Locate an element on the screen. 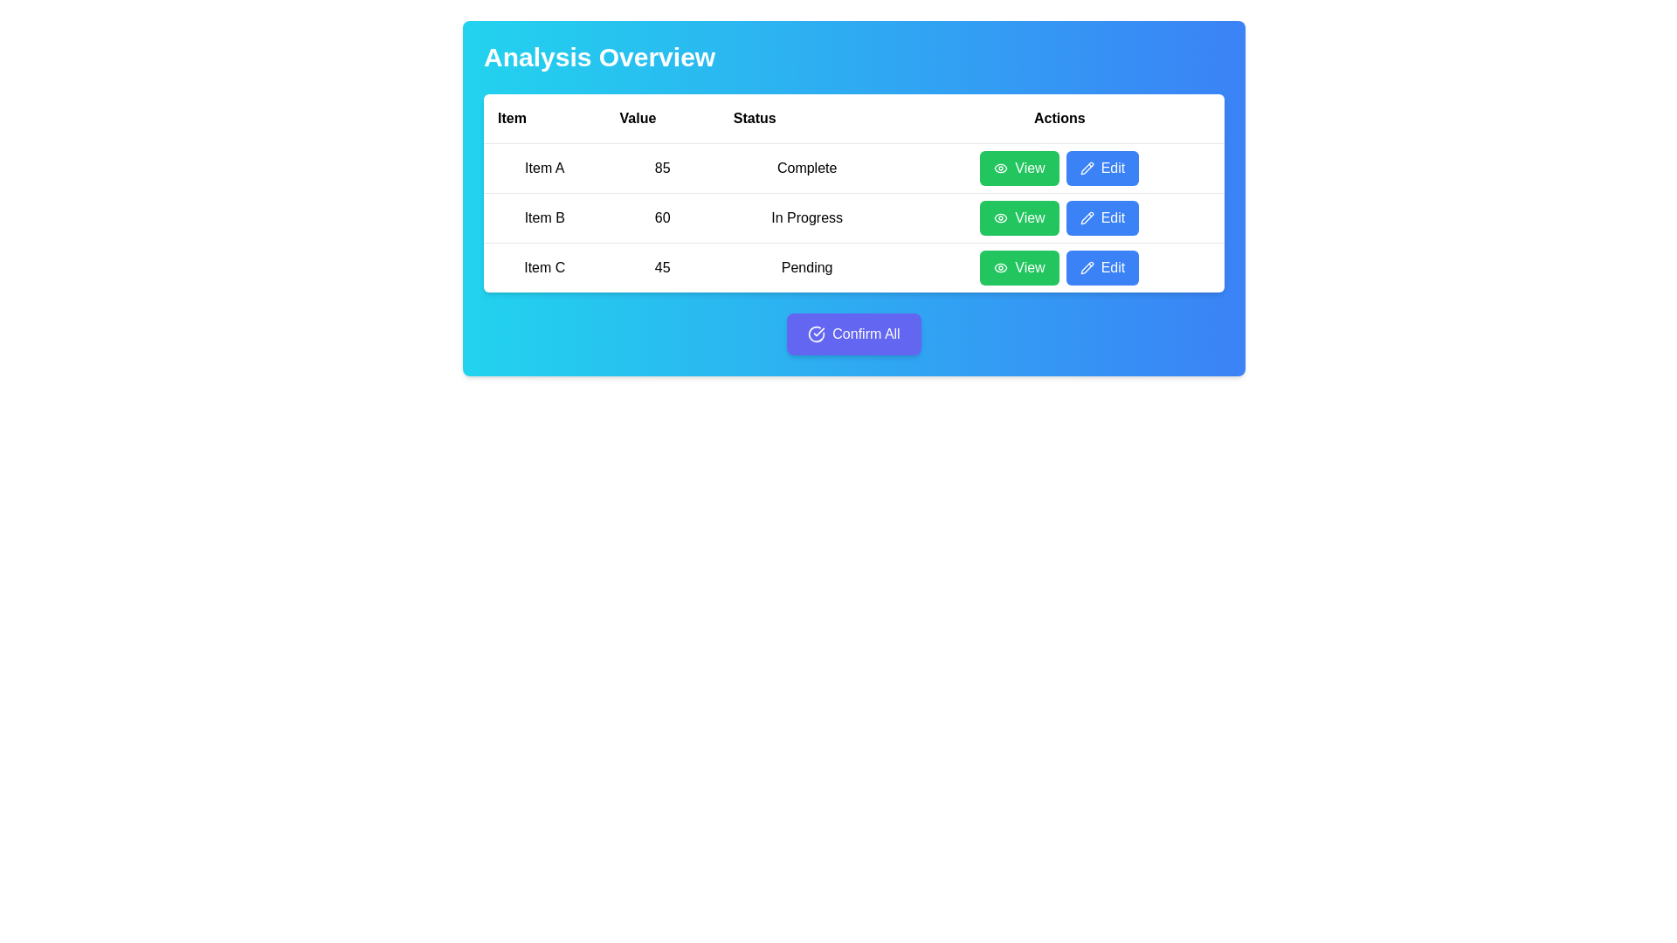 This screenshot has width=1677, height=943. the leftmost button in the 'Actions' column of the third row in the table is located at coordinates (1019, 268).